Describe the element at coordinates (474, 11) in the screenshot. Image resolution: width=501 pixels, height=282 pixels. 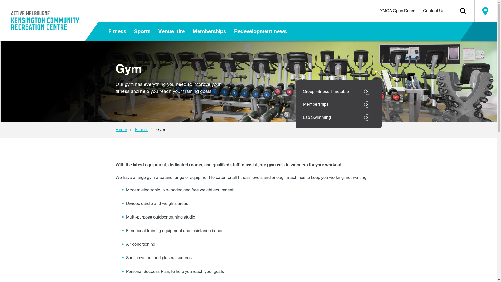
I see `'Locate'` at that location.